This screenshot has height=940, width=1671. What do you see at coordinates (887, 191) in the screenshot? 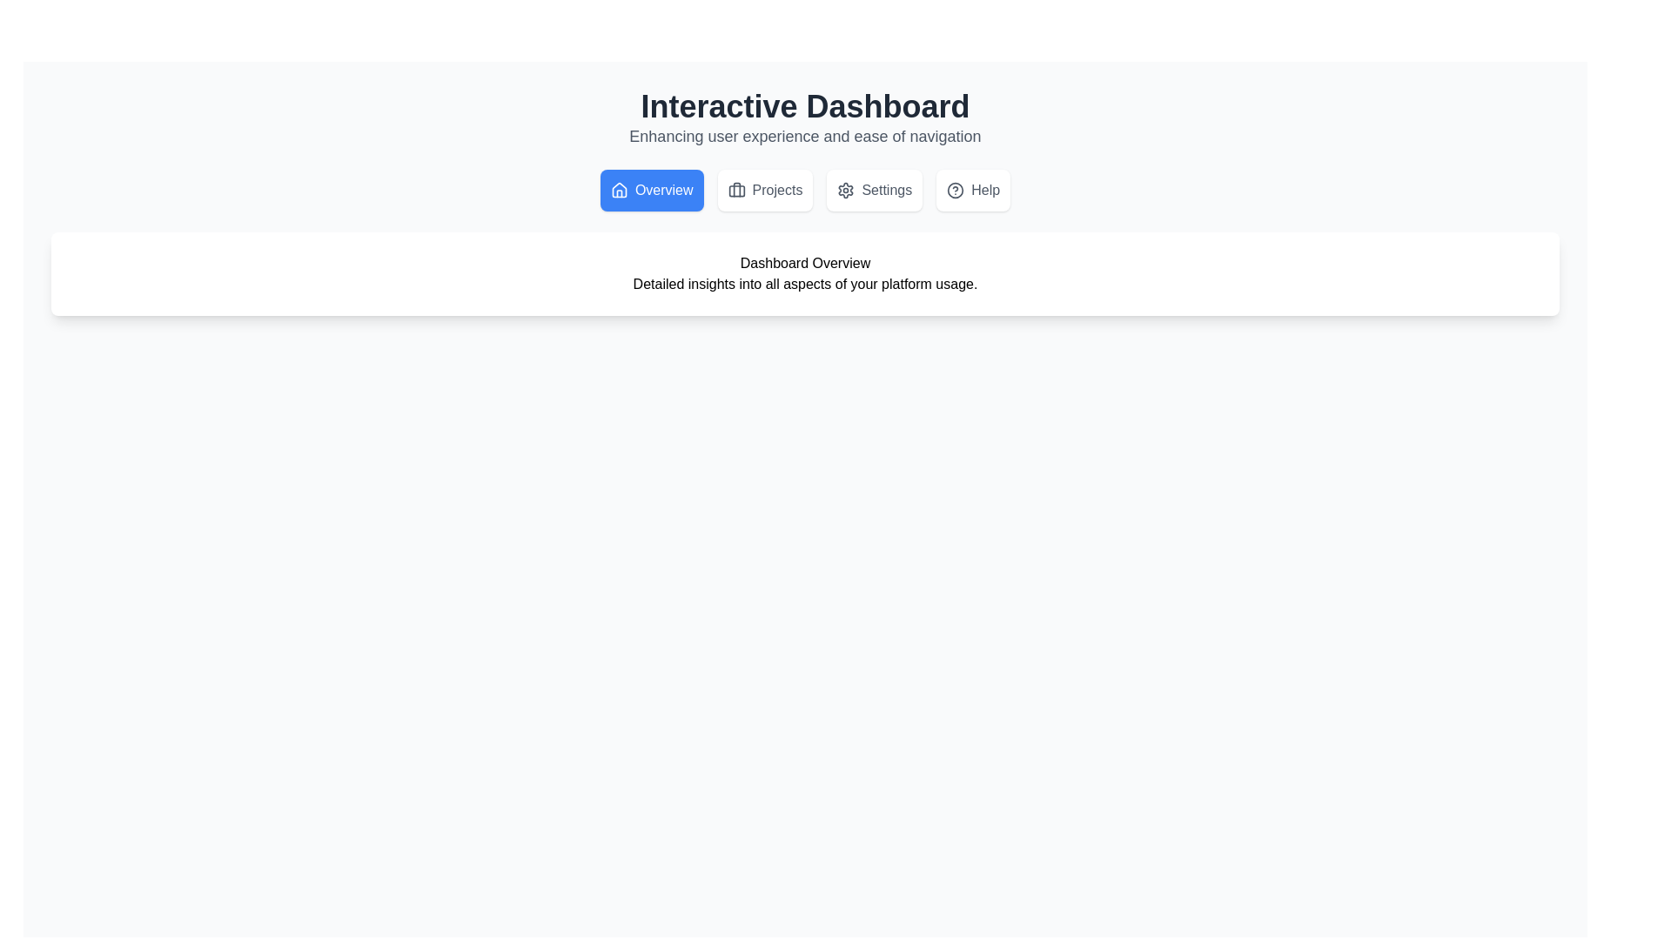
I see `the 'Settings' text label, which is the fourth item in the navigation bar next to the settings icon` at bounding box center [887, 191].